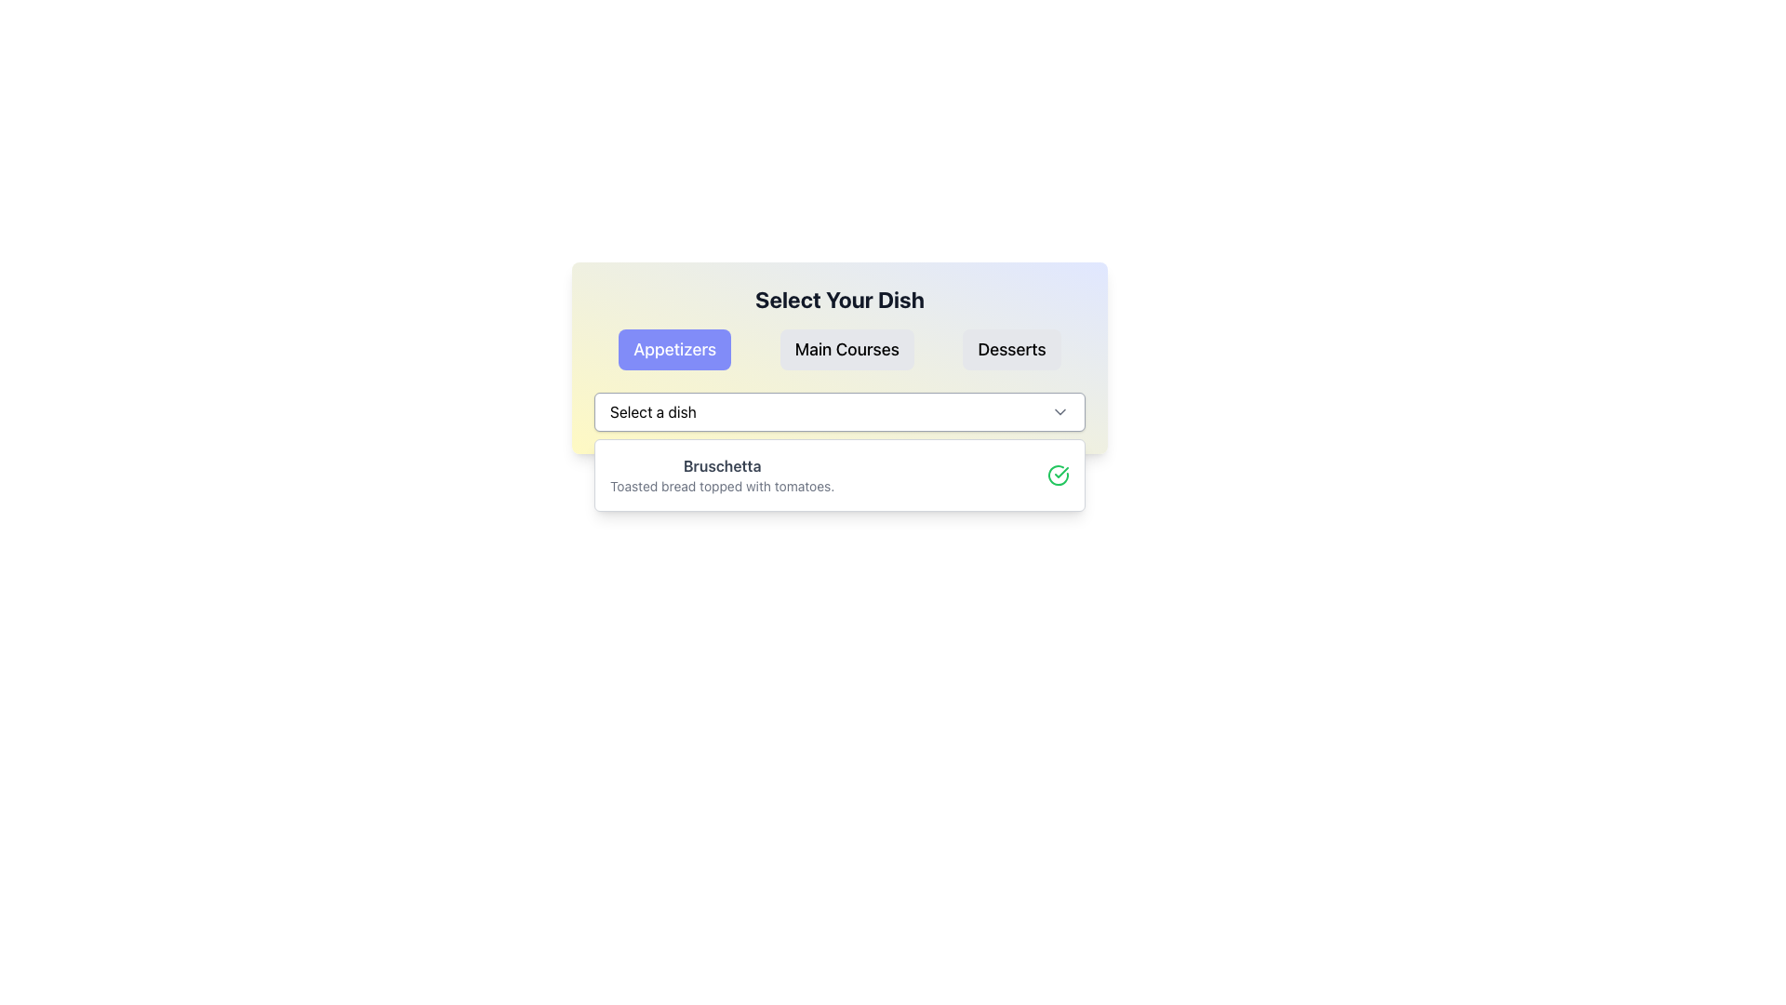 This screenshot has width=1786, height=1005. Describe the element at coordinates (1058, 474) in the screenshot. I see `the green checkmark icon at the far-right end of the 'Bruschetta' list row` at that location.